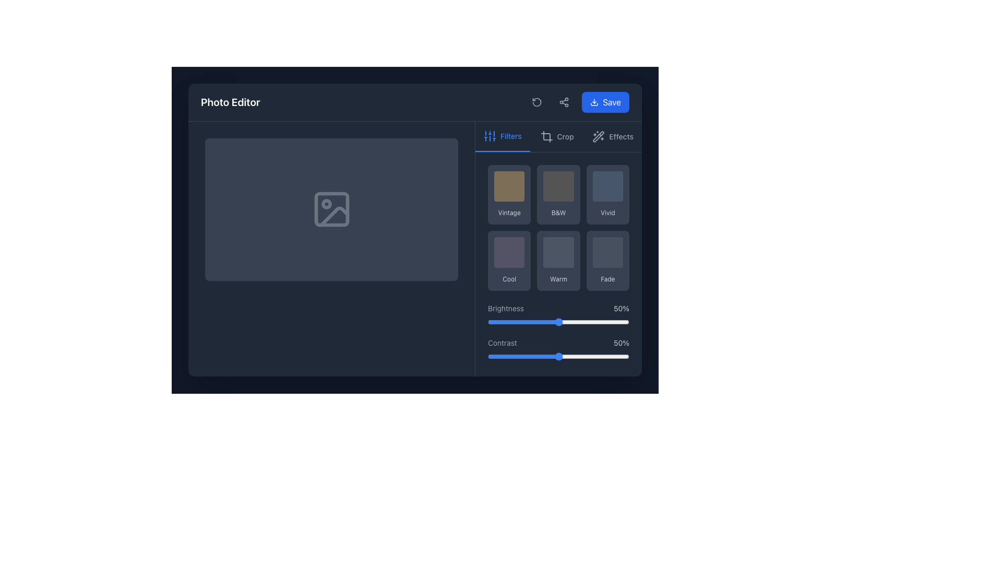 The height and width of the screenshot is (564, 1002). Describe the element at coordinates (509, 195) in the screenshot. I see `the 'Vintage' filter button located in the top row, first column of the filter options in the 'Filters' tab` at that location.